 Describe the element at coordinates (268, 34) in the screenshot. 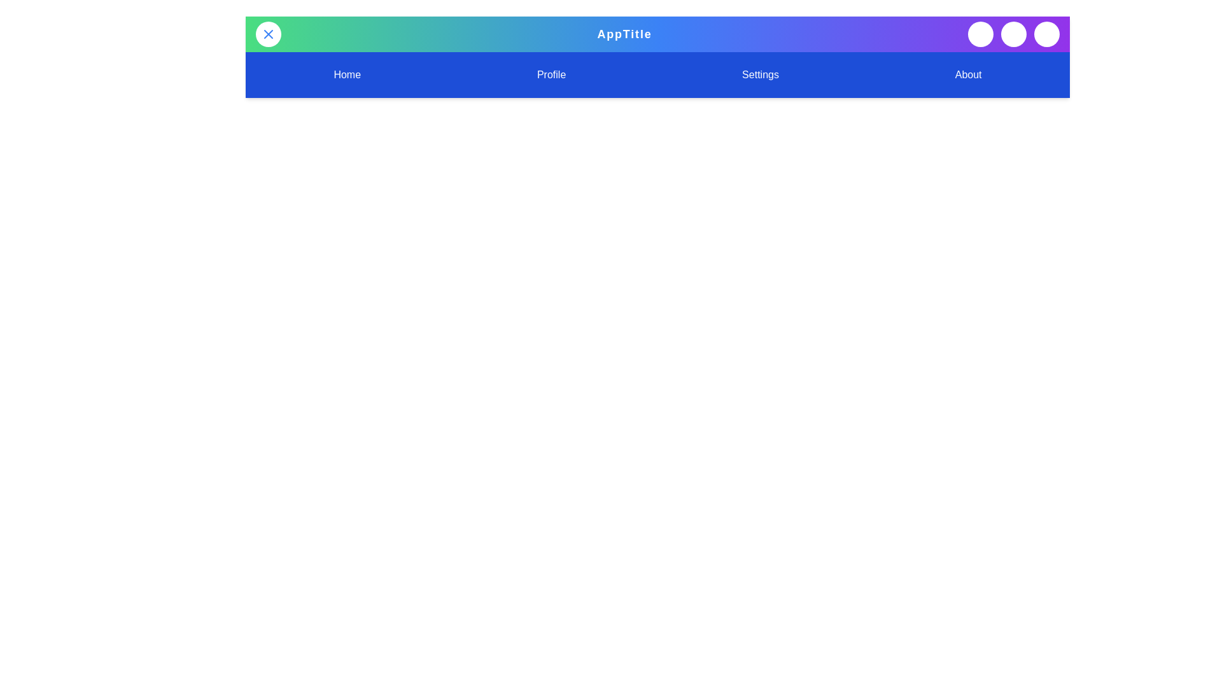

I see `menu toggle button to toggle the menu visibility` at that location.